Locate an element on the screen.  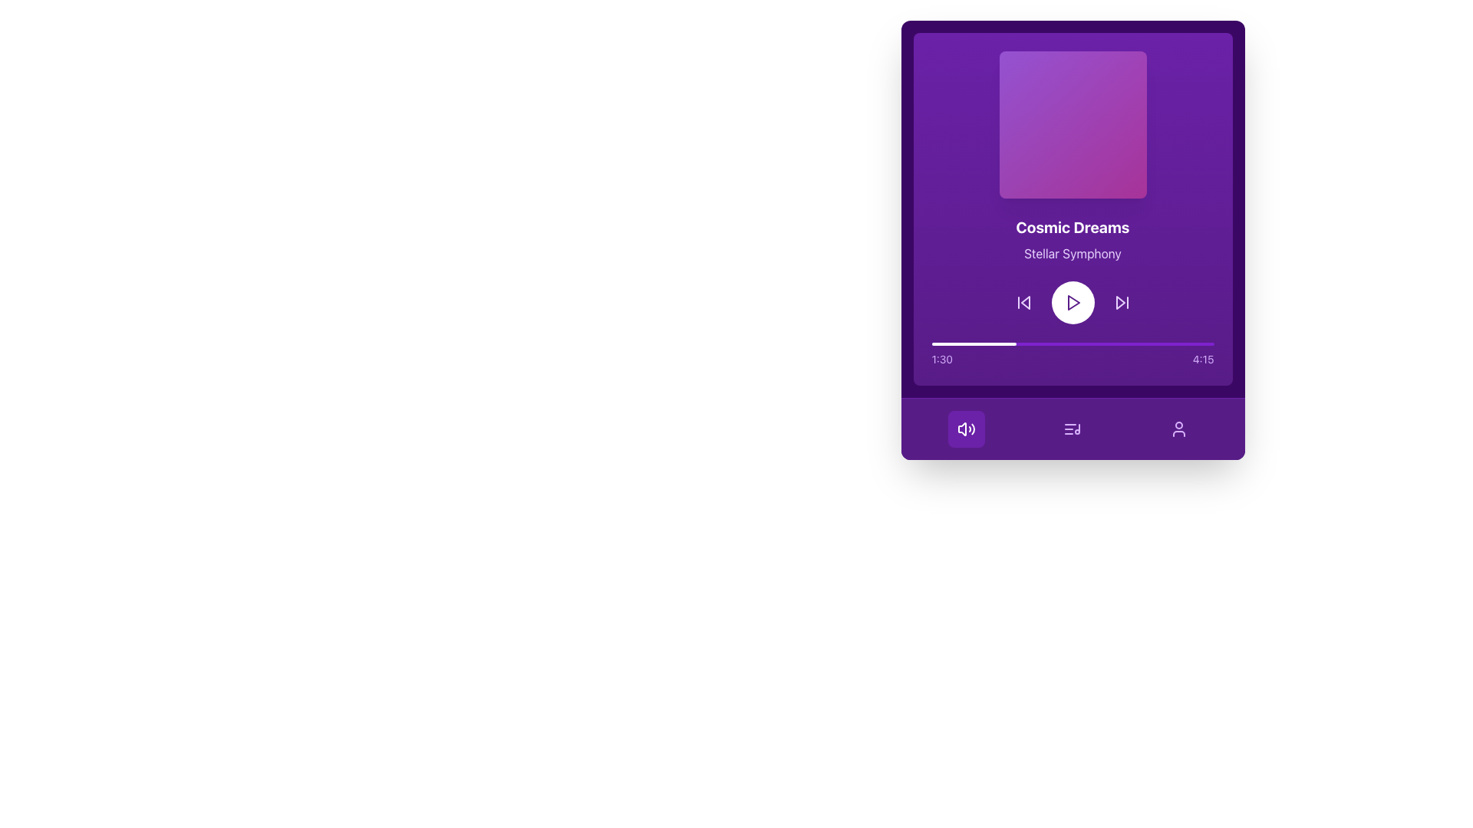
the primary play or pause button located in the center of a three-button group at the bottom part of the music player interface for keyboard activation is located at coordinates (1072, 302).